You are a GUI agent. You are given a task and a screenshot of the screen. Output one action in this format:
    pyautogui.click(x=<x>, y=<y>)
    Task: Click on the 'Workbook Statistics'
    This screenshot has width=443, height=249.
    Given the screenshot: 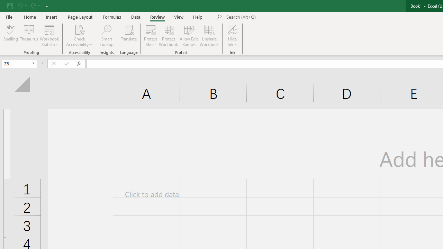 What is the action you would take?
    pyautogui.click(x=49, y=36)
    